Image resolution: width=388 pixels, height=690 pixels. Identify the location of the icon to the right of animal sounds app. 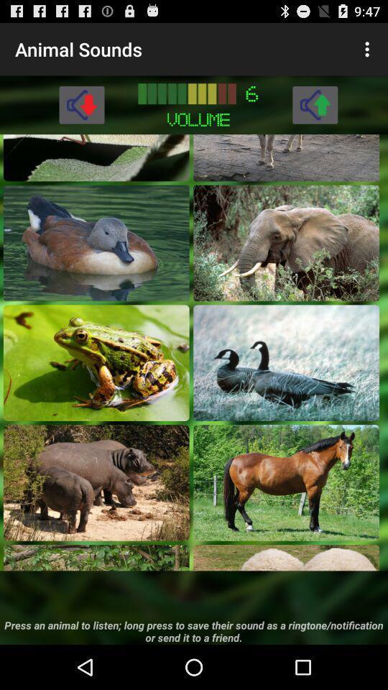
(369, 49).